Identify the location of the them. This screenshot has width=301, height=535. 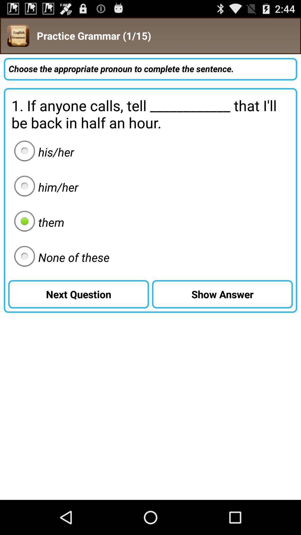
(37, 222).